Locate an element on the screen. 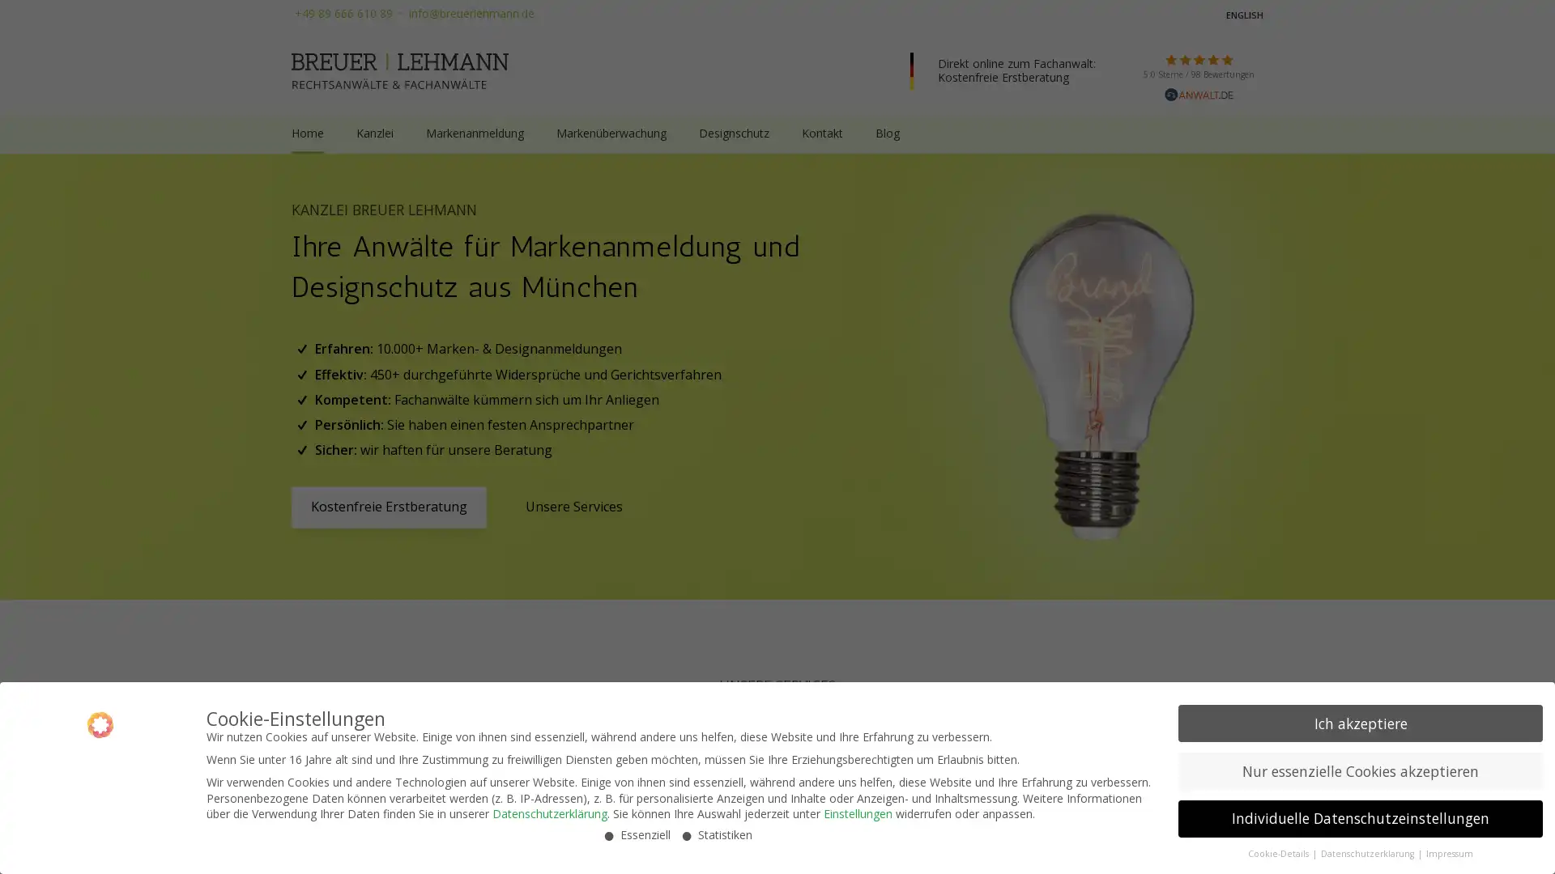  Cookie-Details is located at coordinates (1278, 853).